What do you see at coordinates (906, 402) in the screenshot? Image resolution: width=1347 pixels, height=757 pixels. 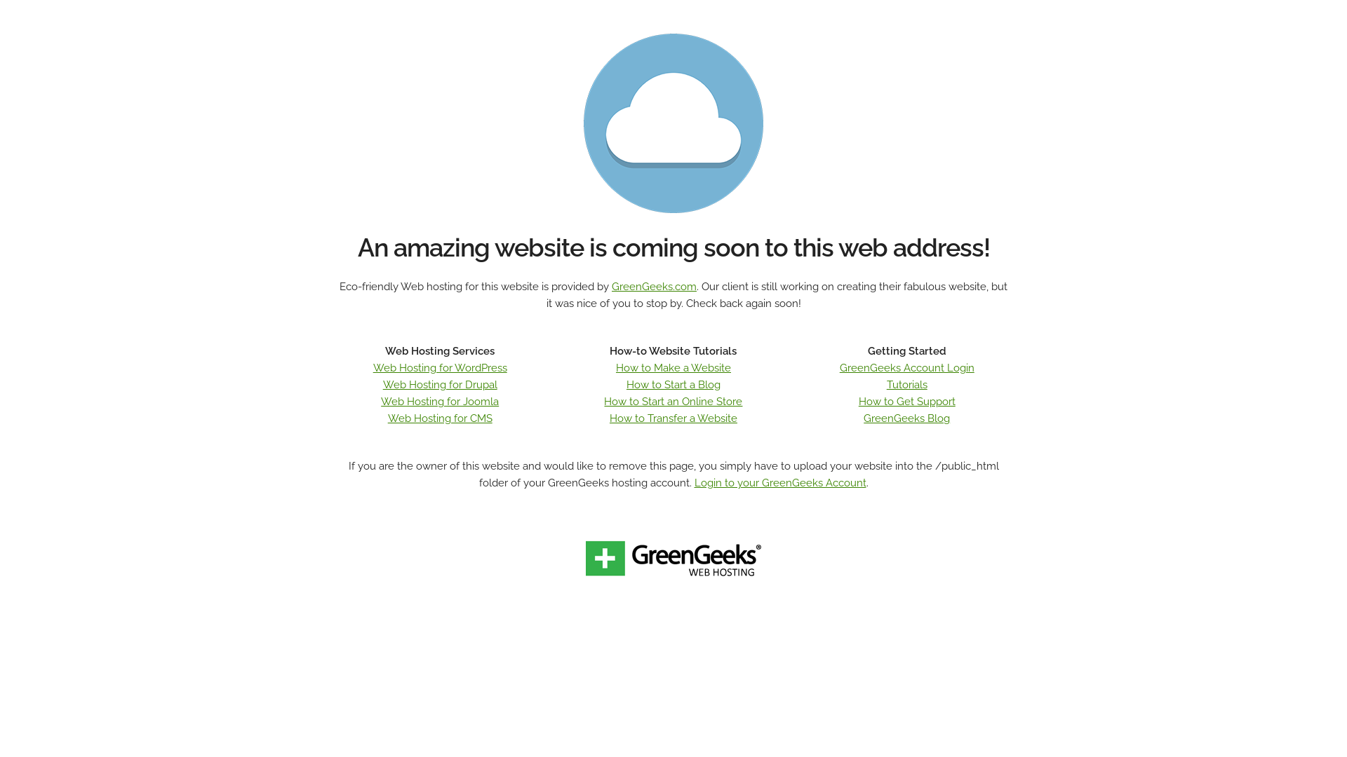 I see `'How to Get Support'` at bounding box center [906, 402].